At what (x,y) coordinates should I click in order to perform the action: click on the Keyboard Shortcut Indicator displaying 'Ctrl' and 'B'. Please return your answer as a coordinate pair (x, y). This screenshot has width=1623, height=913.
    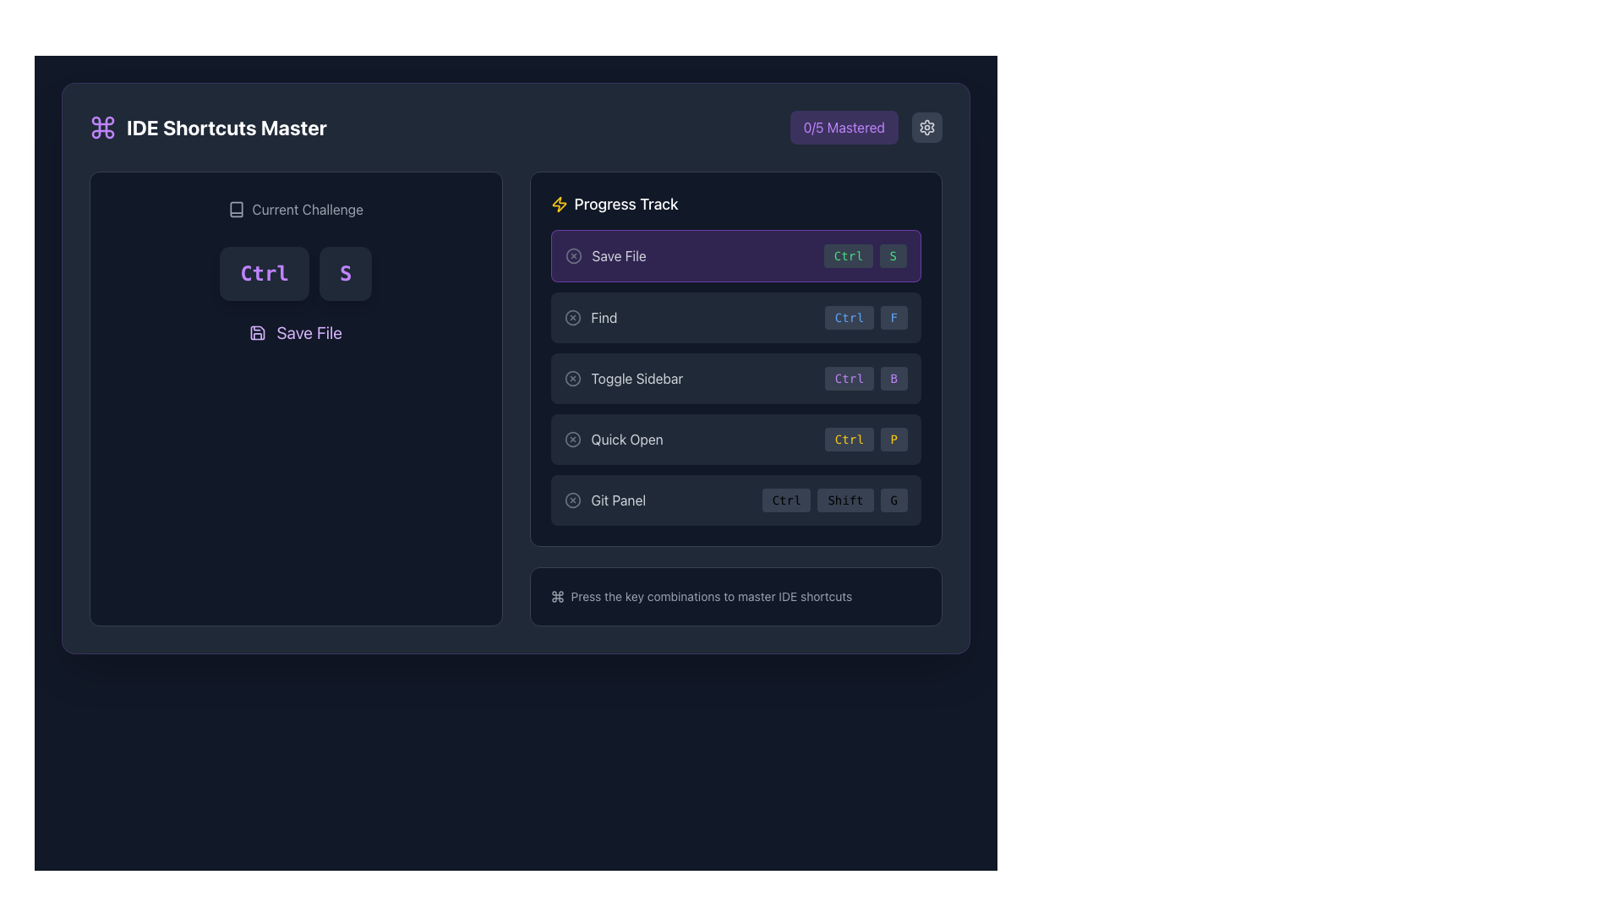
    Looking at the image, I should click on (866, 377).